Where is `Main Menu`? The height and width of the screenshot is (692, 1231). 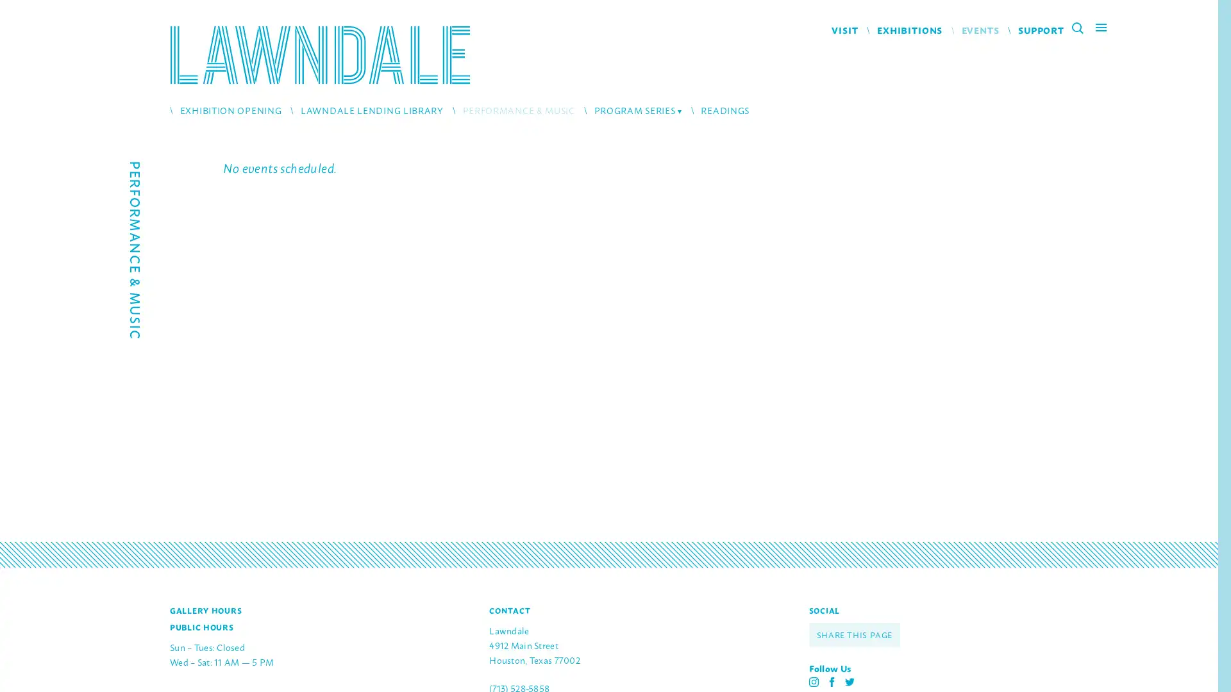
Main Menu is located at coordinates (1100, 29).